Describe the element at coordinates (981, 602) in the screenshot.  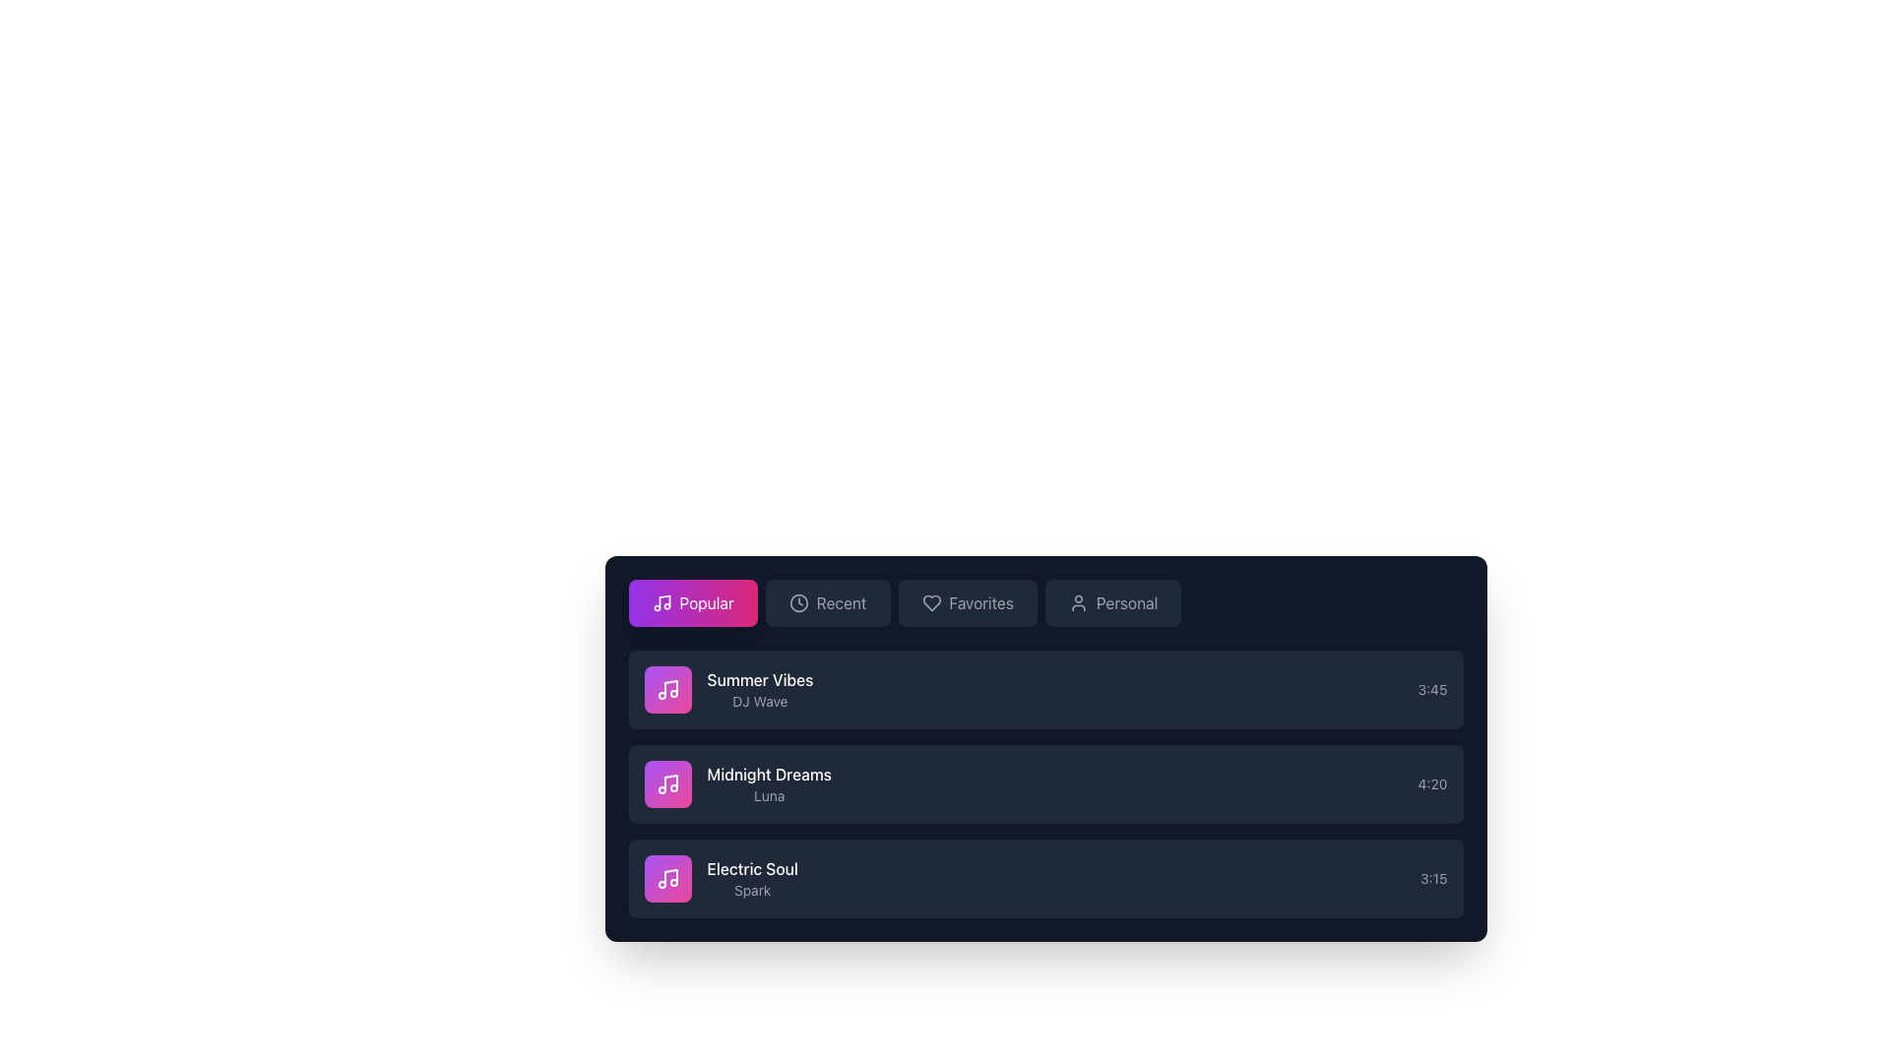
I see `the text label displaying 'Favorites', which is styled in light gray and located in the navigation bar next to a heart icon` at that location.